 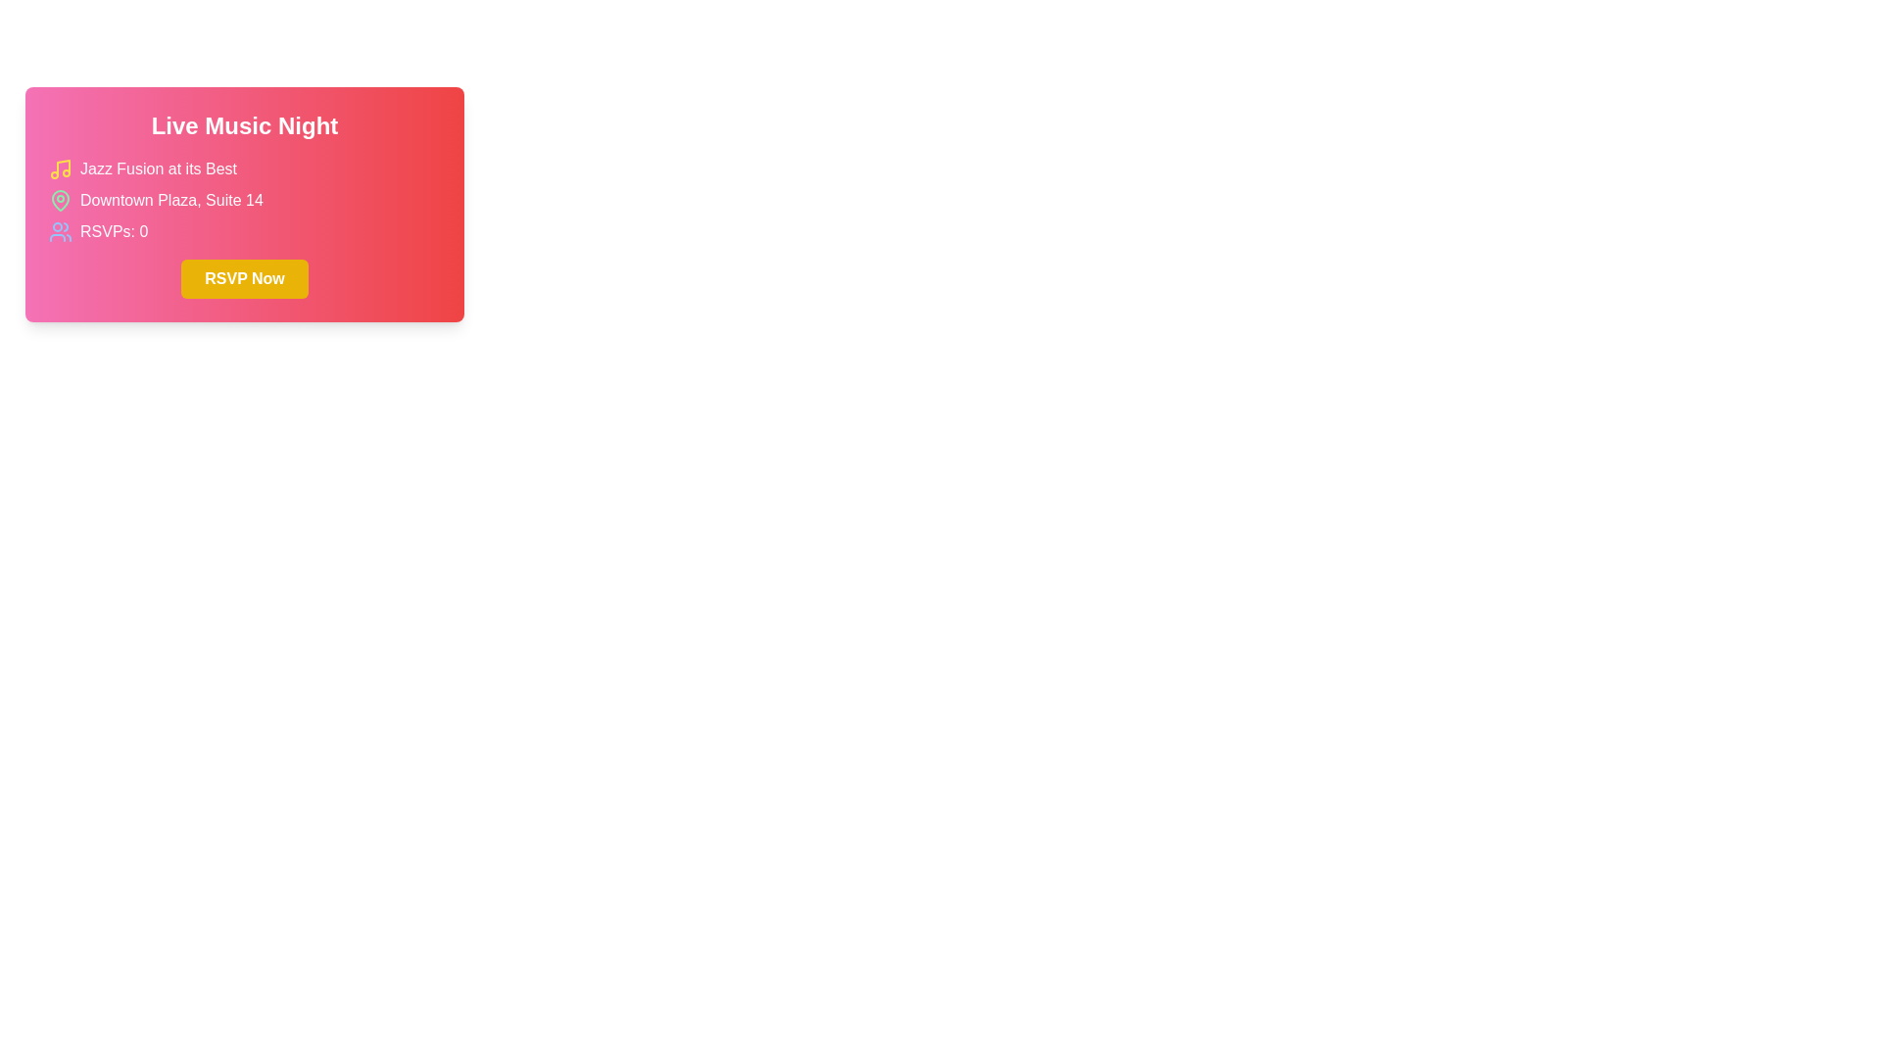 I want to click on the vibrant yellow 'RSVP Now' button located at the bottom center of the event information card to RSVP for the event, so click(x=243, y=279).